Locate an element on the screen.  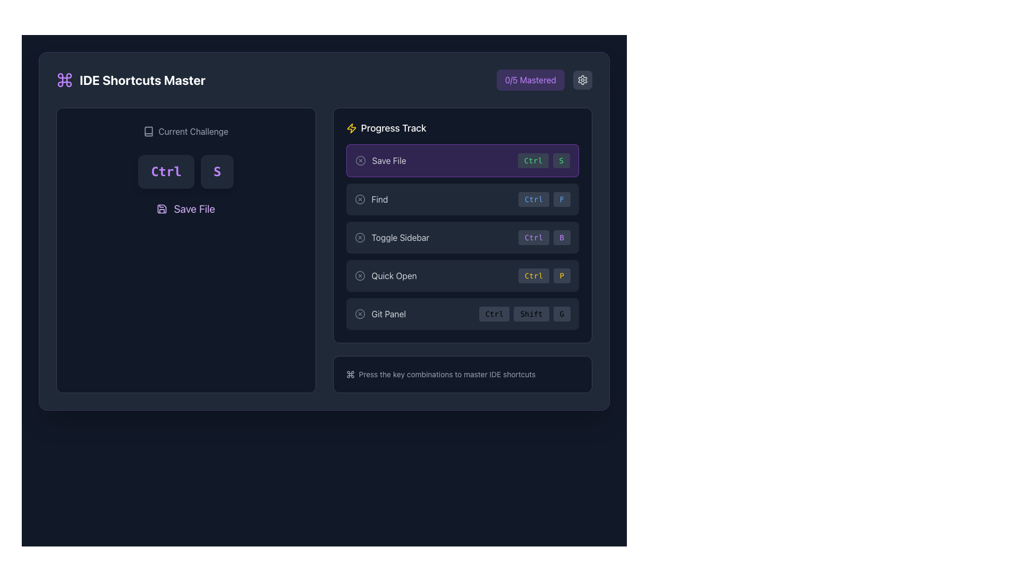
the header text label that indicates the purpose of the interface, which is about mastering shortcuts for an integrated development environment (IDE) is located at coordinates (142, 79).